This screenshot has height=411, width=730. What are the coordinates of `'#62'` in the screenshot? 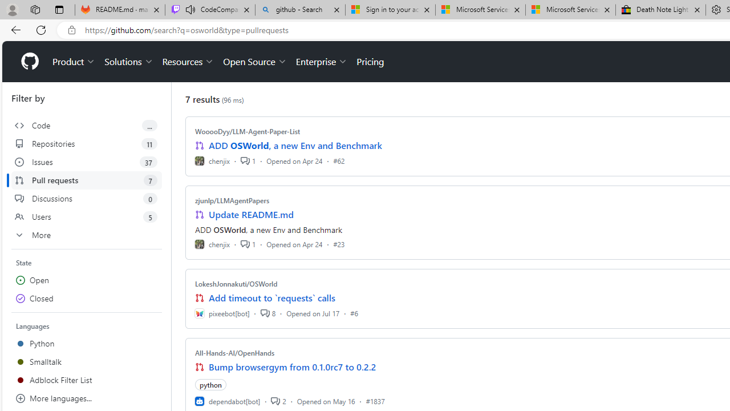 It's located at (338, 160).